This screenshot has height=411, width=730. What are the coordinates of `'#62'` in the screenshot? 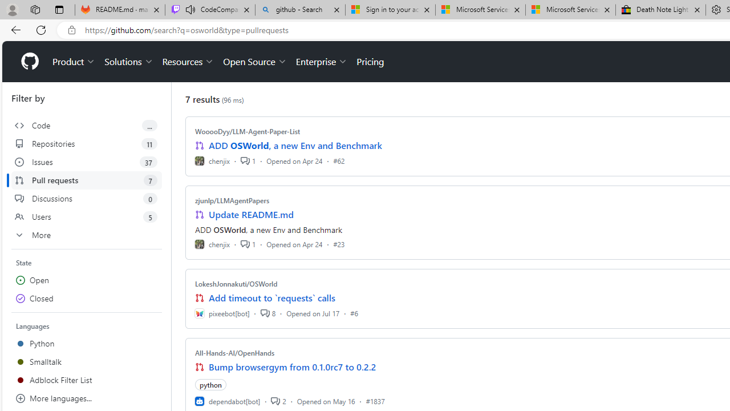 It's located at (338, 160).